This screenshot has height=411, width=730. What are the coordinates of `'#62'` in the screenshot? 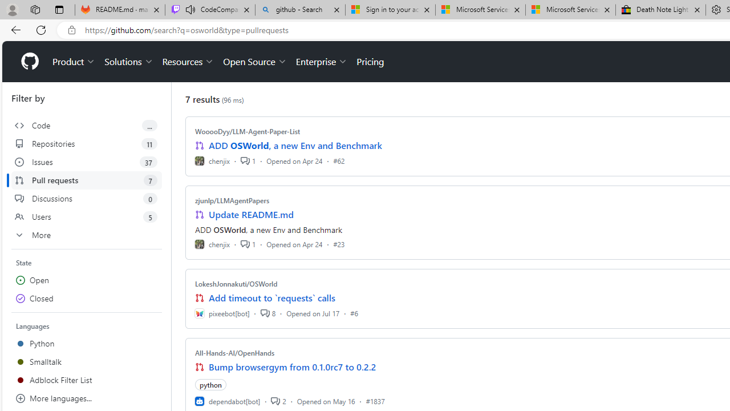 It's located at (338, 160).